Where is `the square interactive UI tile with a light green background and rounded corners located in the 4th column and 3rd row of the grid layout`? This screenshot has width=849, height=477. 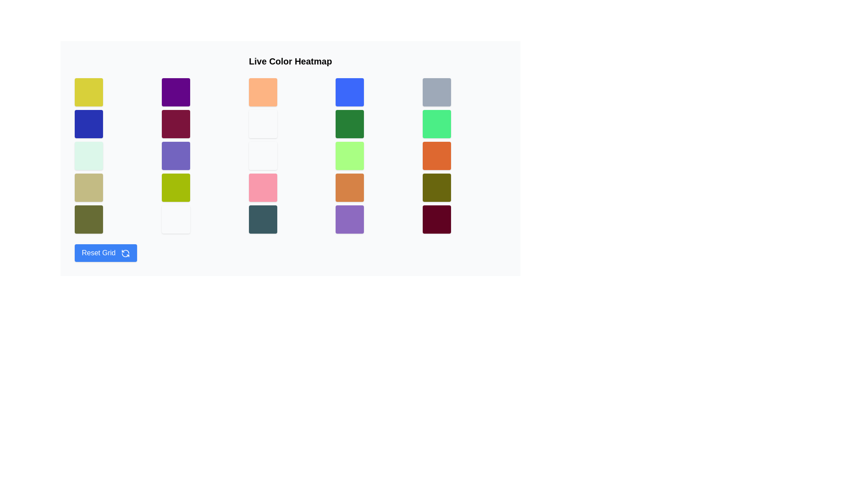 the square interactive UI tile with a light green background and rounded corners located in the 4th column and 3rd row of the grid layout is located at coordinates (349, 155).